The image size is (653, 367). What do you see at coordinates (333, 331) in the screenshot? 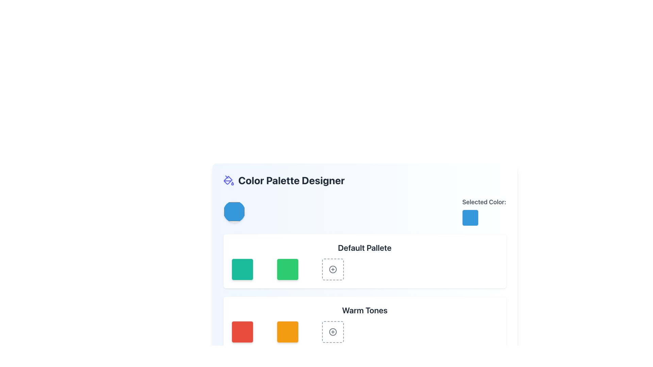
I see `the circular outline of the 'Warm Tones' icon in the color palette grid, which represents the add action feature` at bounding box center [333, 331].